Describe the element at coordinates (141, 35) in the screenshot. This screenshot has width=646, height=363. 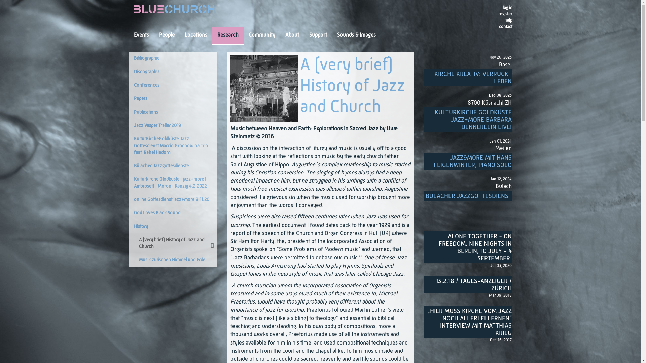
I see `'Events'` at that location.